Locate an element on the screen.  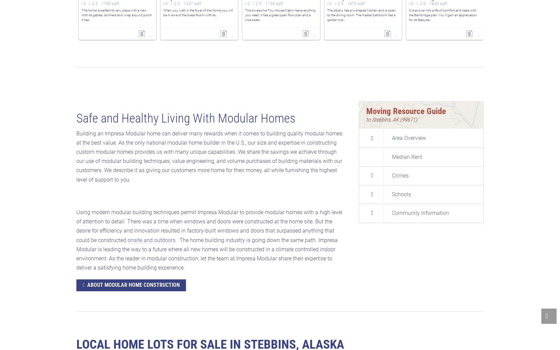
'Area Overview' is located at coordinates (409, 137).